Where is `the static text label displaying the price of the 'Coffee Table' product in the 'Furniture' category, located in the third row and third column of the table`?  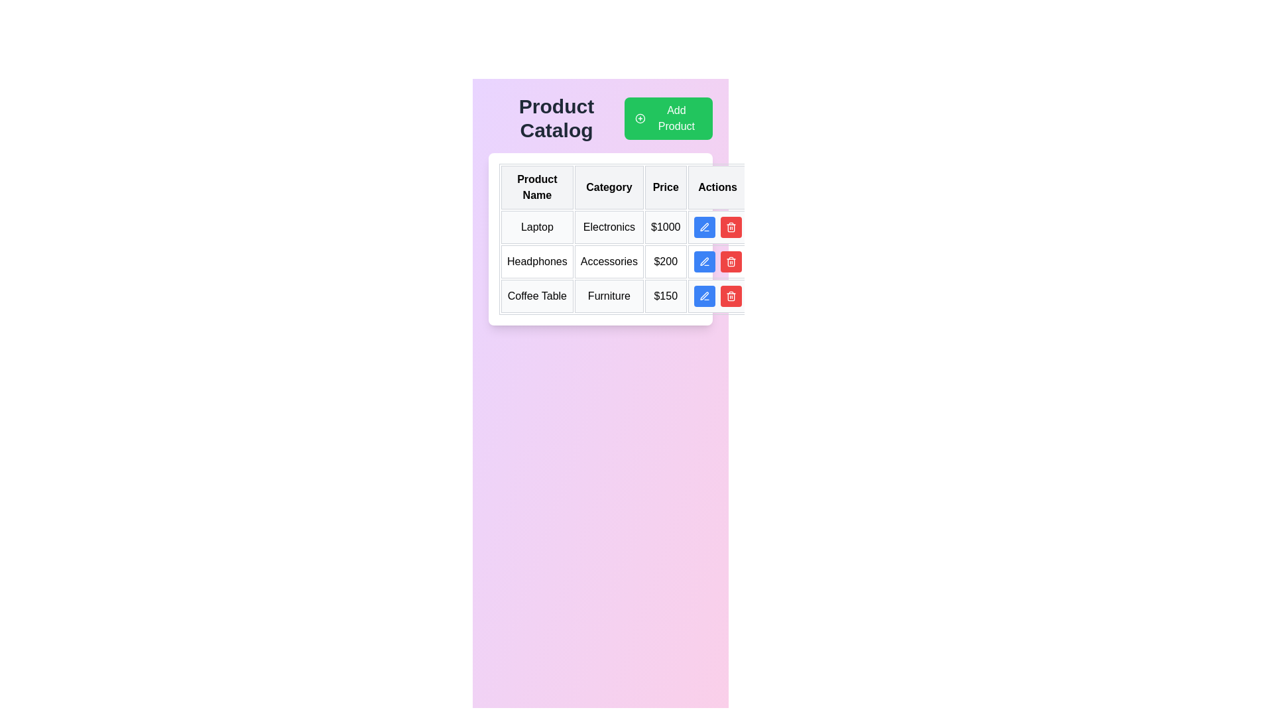
the static text label displaying the price of the 'Coffee Table' product in the 'Furniture' category, located in the third row and third column of the table is located at coordinates (666, 296).